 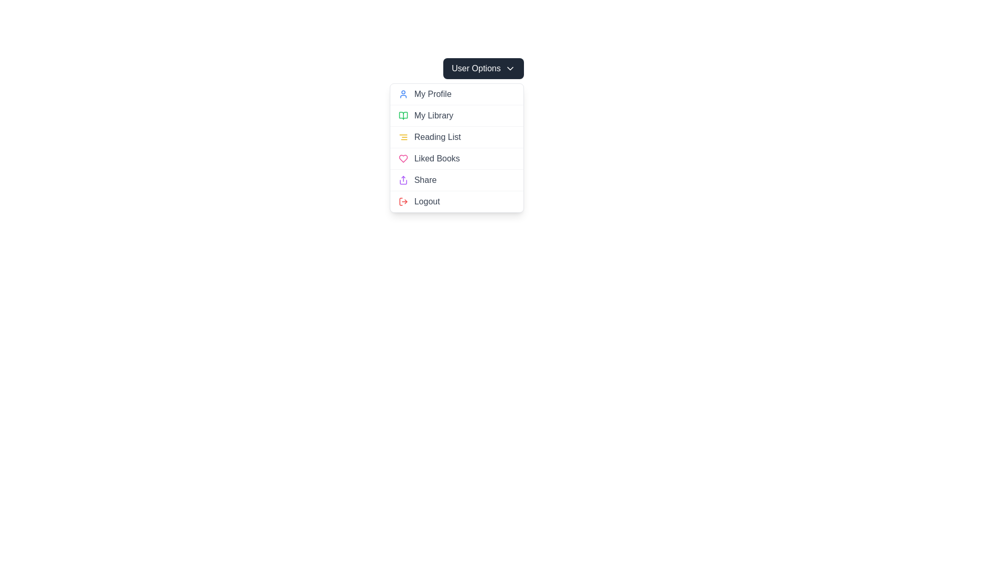 I want to click on the 'My Library' text label in the dropdown menu, so click(x=434, y=115).